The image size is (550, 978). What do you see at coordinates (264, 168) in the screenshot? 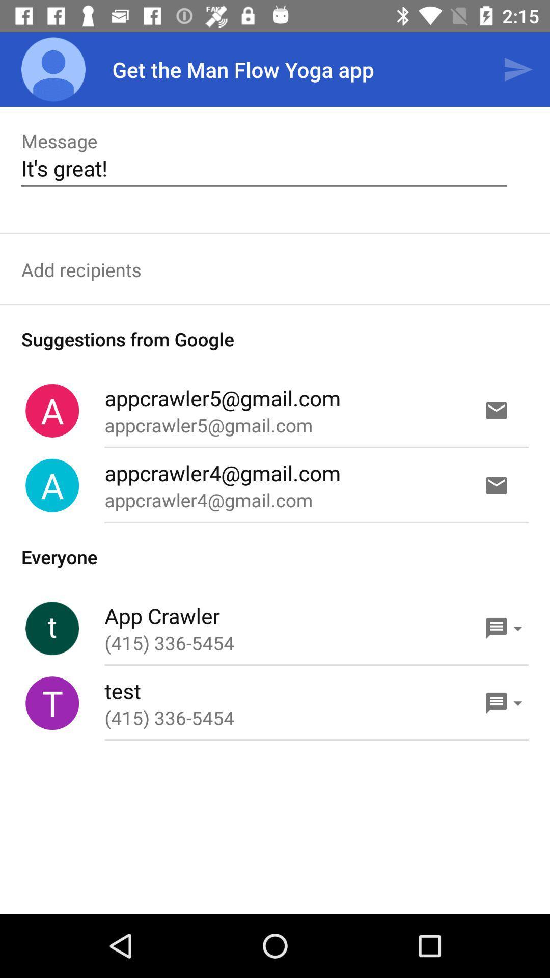
I see `the it's great!` at bounding box center [264, 168].